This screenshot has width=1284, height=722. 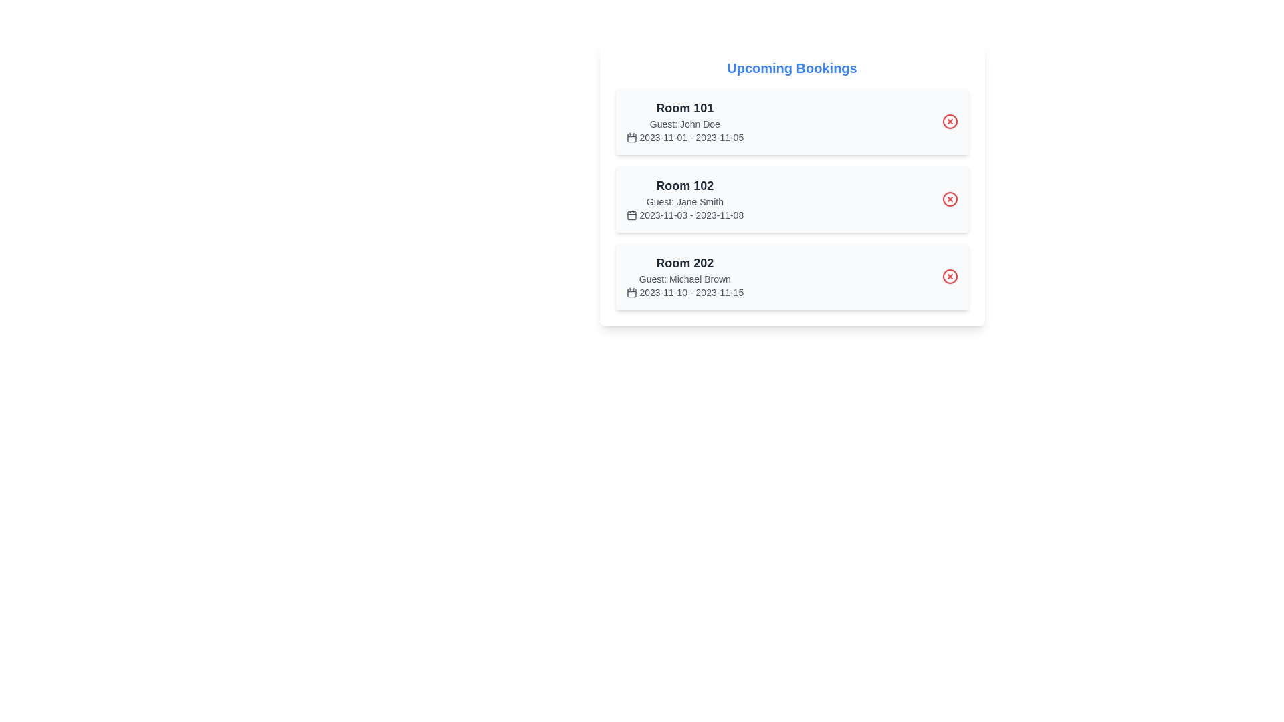 I want to click on the static text element displaying the booking date range for Room 101, which is located in the third row following the title and subtitle, and is aligned with the calendar icon, so click(x=685, y=137).